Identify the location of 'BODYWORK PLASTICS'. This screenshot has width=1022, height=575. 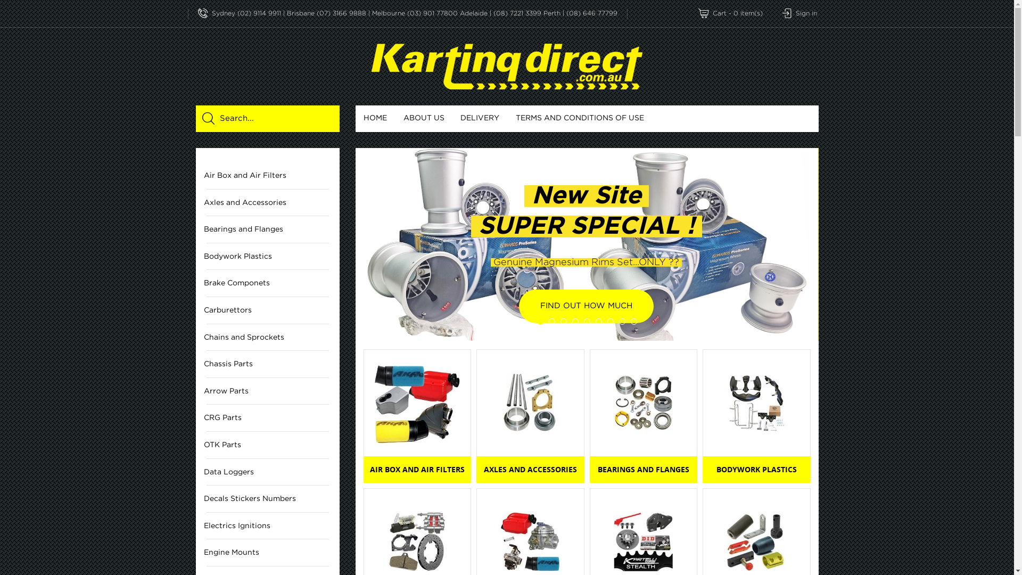
(756, 469).